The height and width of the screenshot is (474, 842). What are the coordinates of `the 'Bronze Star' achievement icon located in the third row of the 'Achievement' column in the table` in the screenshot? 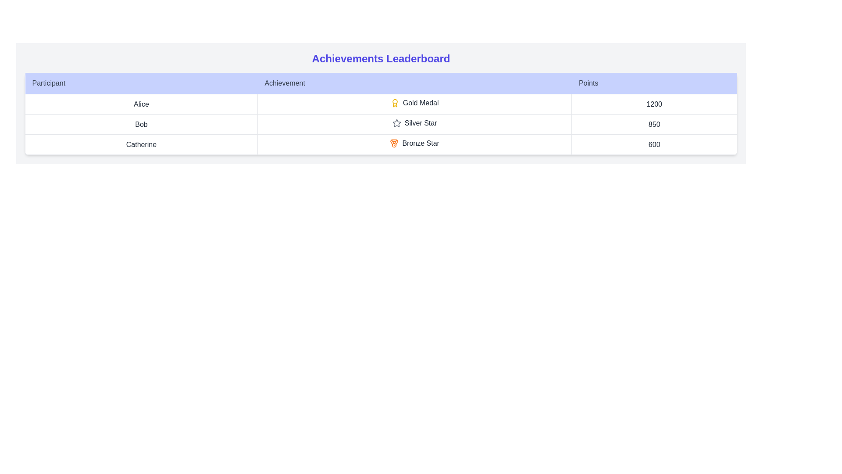 It's located at (394, 143).